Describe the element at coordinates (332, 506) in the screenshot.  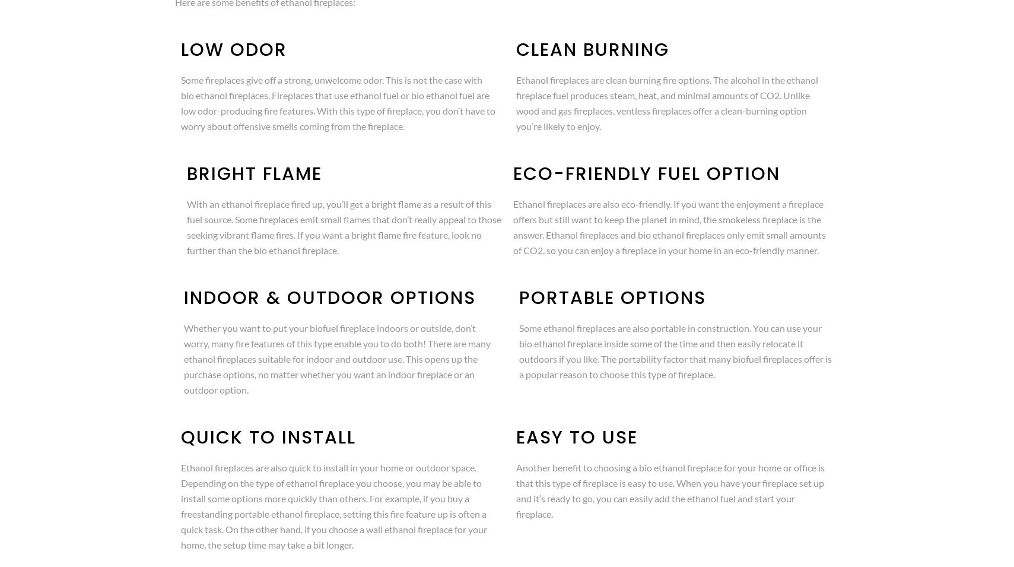
I see `'Ethanol fireplaces are also quick to install in your home or outdoor space. Depending on the type of ethanol fireplace you choose, you may be able to install some options more quickly than others. For example, if you buy a freestanding portable ethanol fireplace, setting this fire feature up is often a quick task. On the other hand, if you choose a wall ethanol fireplace for your home, the setup time may take a bit longer.'` at that location.